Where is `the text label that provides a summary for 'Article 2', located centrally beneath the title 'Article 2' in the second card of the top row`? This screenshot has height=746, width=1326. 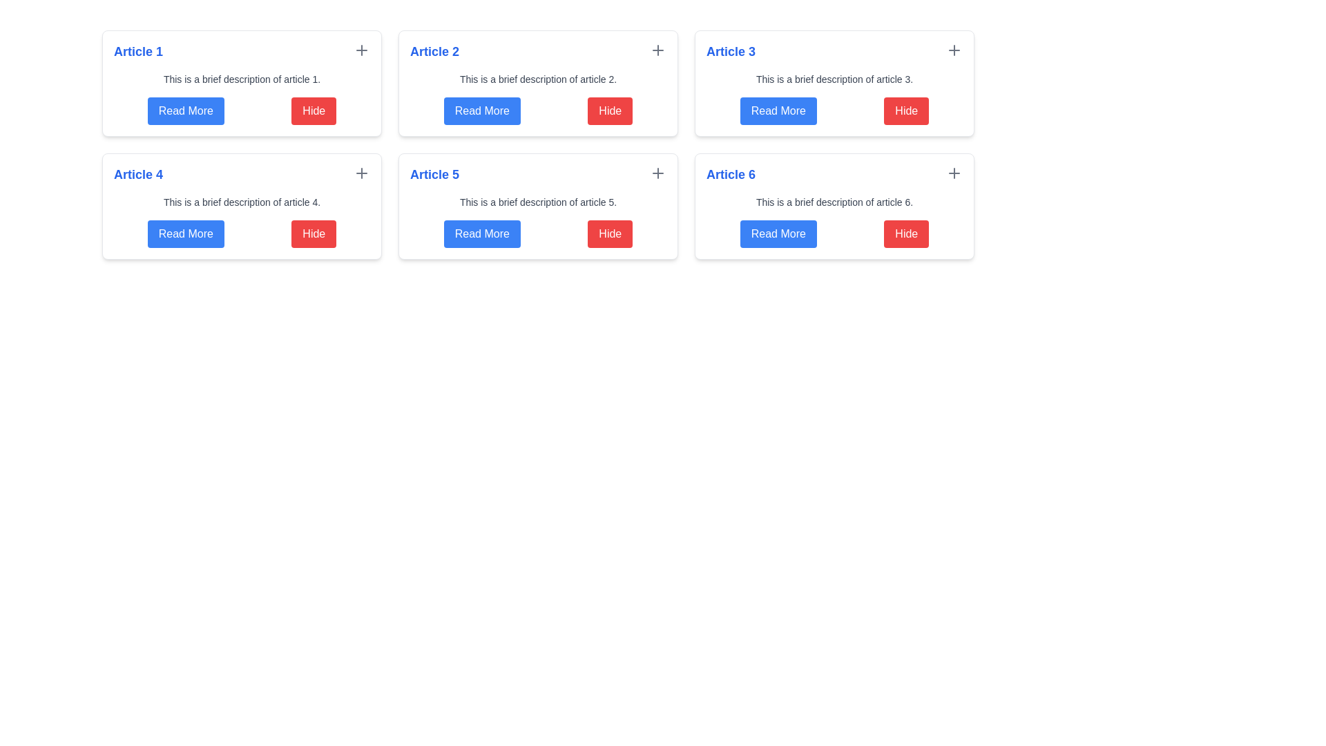 the text label that provides a summary for 'Article 2', located centrally beneath the title 'Article 2' in the second card of the top row is located at coordinates (537, 79).